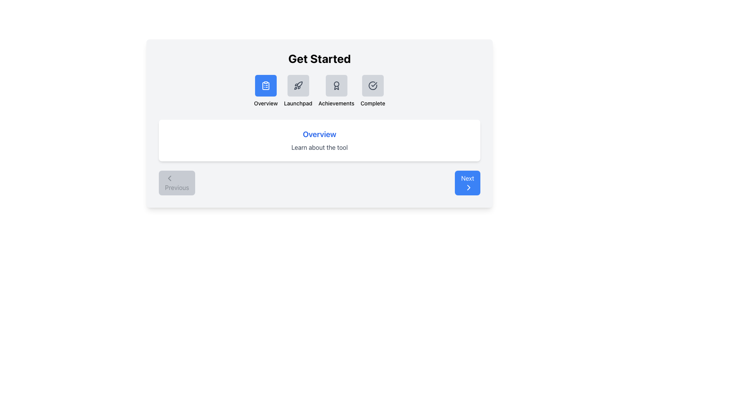 The image size is (742, 417). I want to click on the blue square button with a white clipboard icon, so click(266, 86).